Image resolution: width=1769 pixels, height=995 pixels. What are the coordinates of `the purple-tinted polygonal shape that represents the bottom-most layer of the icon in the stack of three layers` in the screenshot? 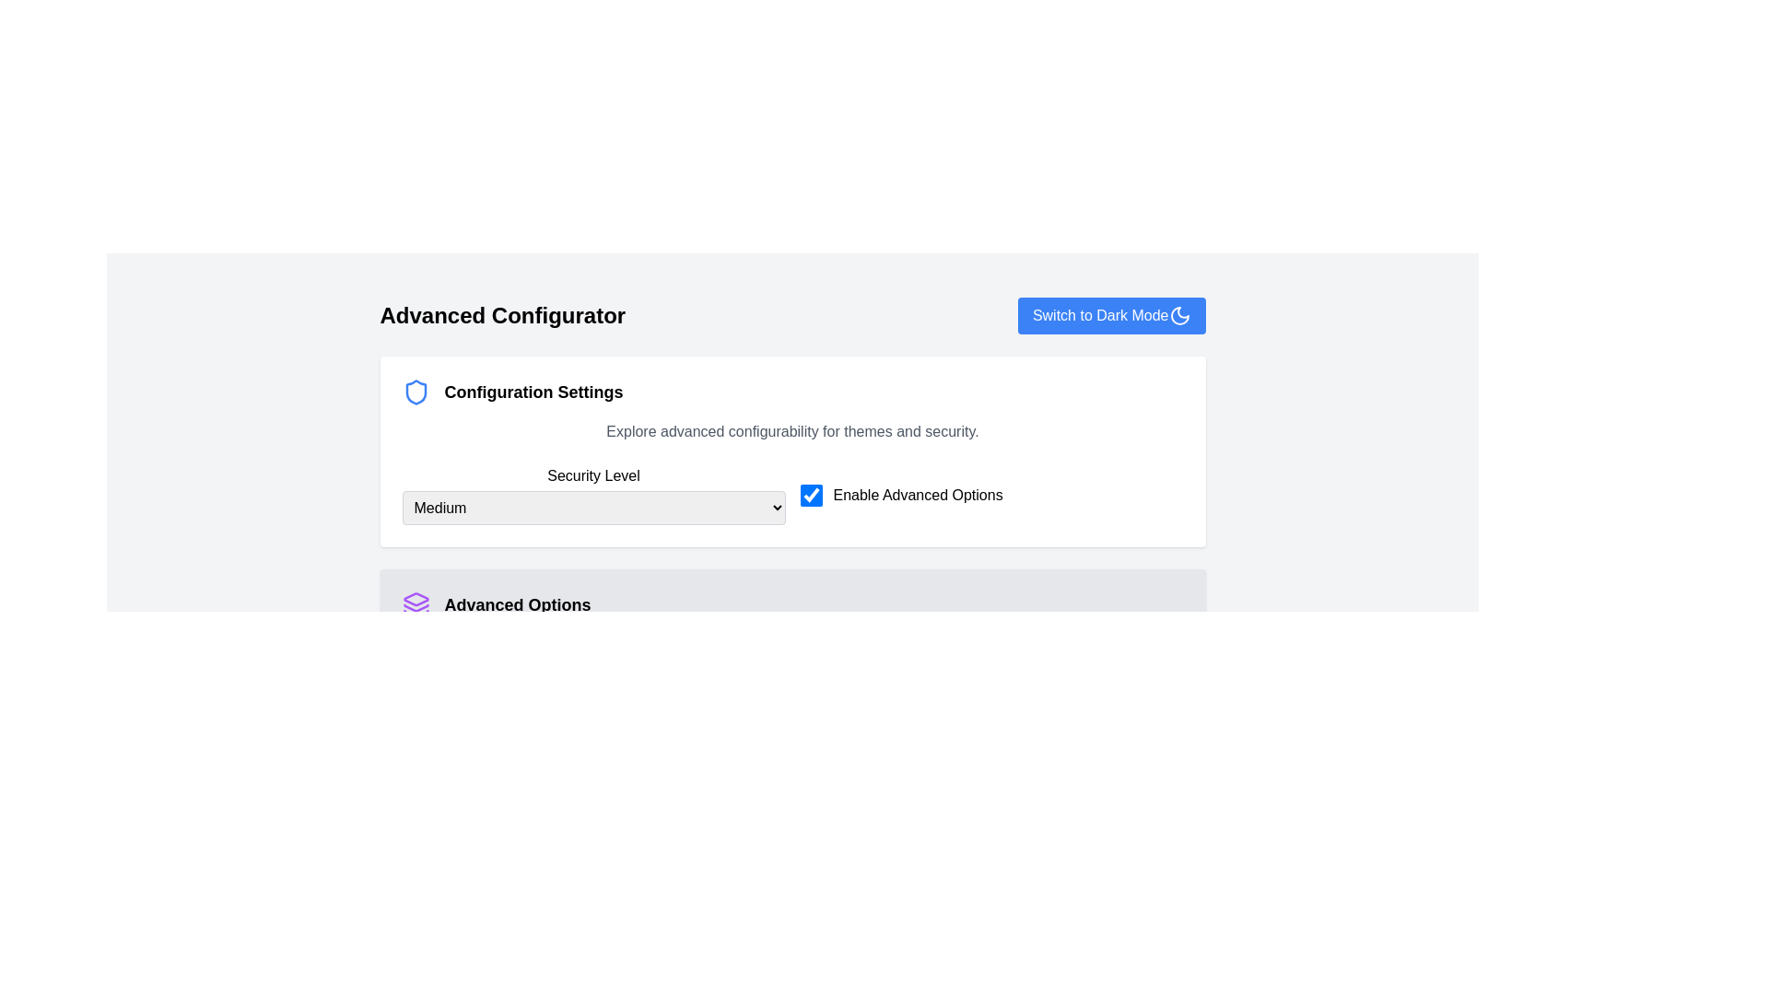 It's located at (415, 614).